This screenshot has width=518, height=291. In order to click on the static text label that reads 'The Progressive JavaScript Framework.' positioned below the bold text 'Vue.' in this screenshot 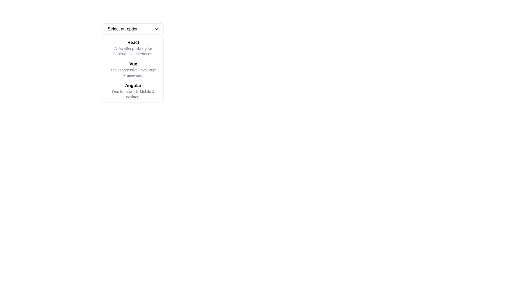, I will do `click(133, 73)`.